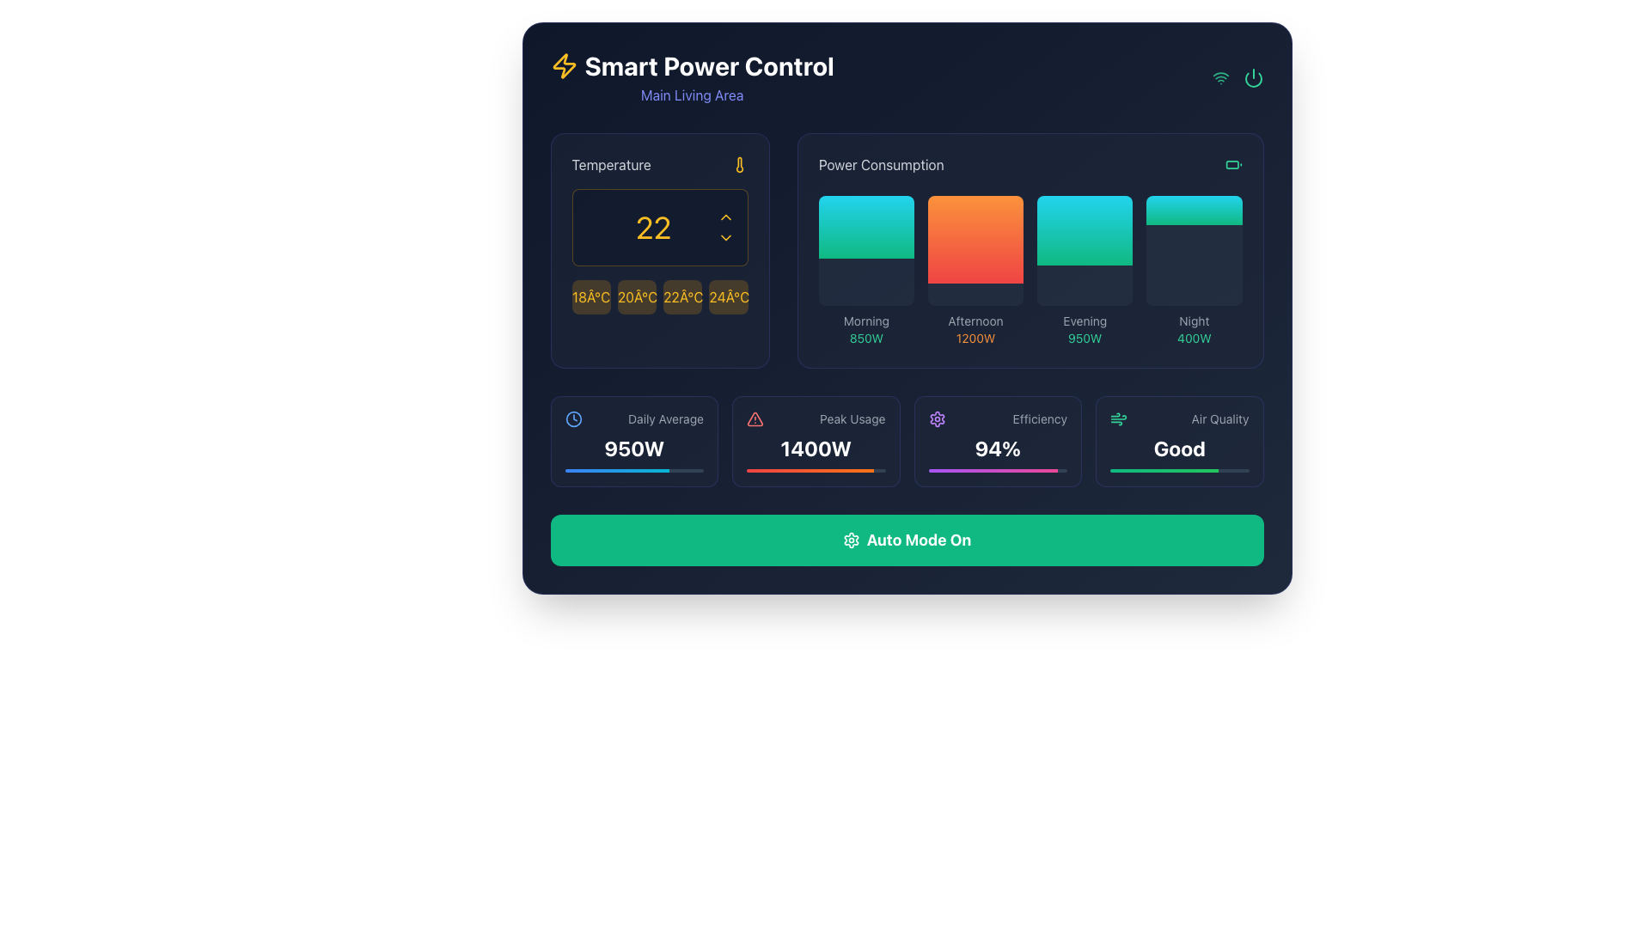 The image size is (1650, 928). I want to click on the '22°C' button in the temperature selection grid, so click(659, 296).